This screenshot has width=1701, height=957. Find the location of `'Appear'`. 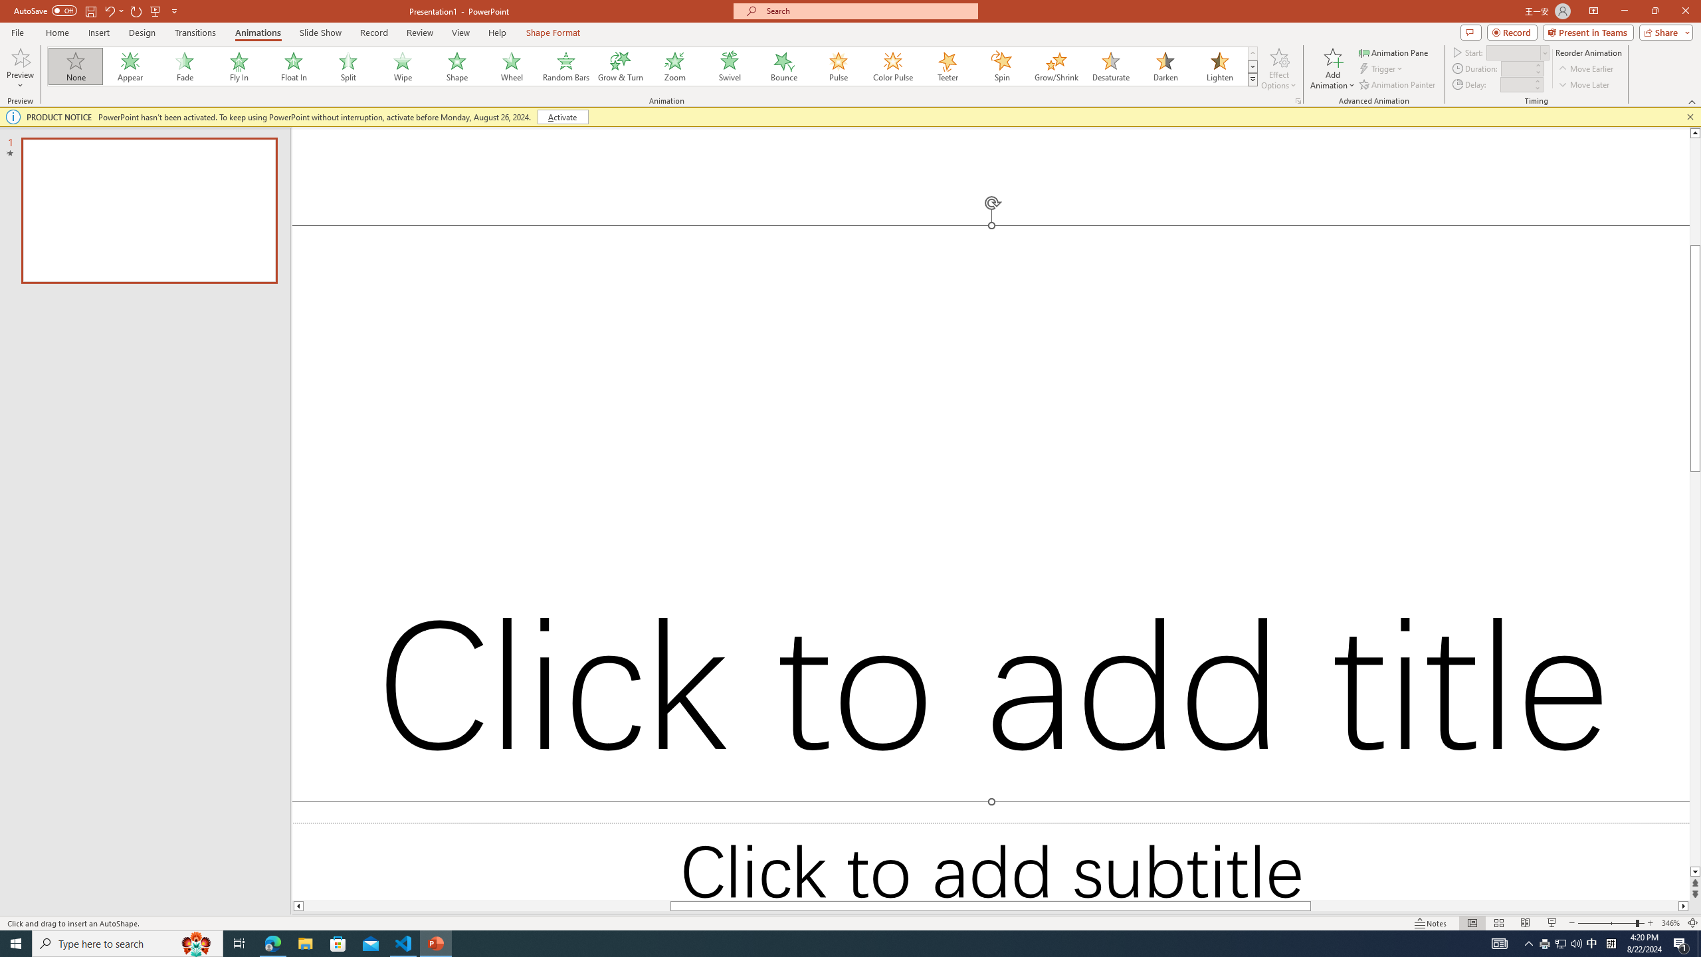

'Appear' is located at coordinates (130, 66).